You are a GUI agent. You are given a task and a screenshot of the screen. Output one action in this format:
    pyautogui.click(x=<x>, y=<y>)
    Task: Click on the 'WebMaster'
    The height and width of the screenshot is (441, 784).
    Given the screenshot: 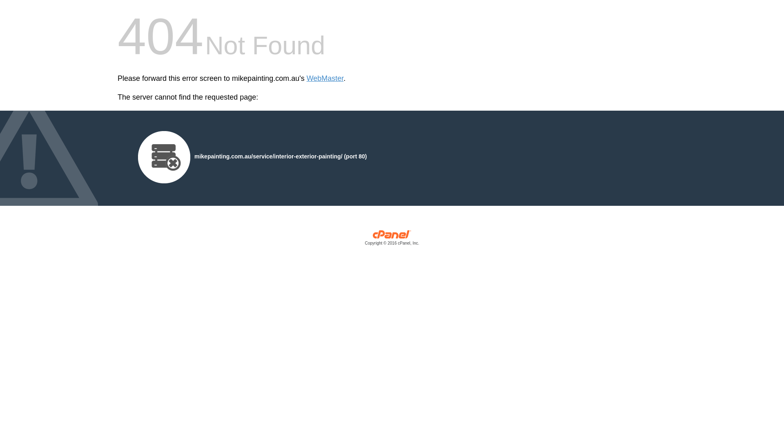 What is the action you would take?
    pyautogui.click(x=325, y=78)
    